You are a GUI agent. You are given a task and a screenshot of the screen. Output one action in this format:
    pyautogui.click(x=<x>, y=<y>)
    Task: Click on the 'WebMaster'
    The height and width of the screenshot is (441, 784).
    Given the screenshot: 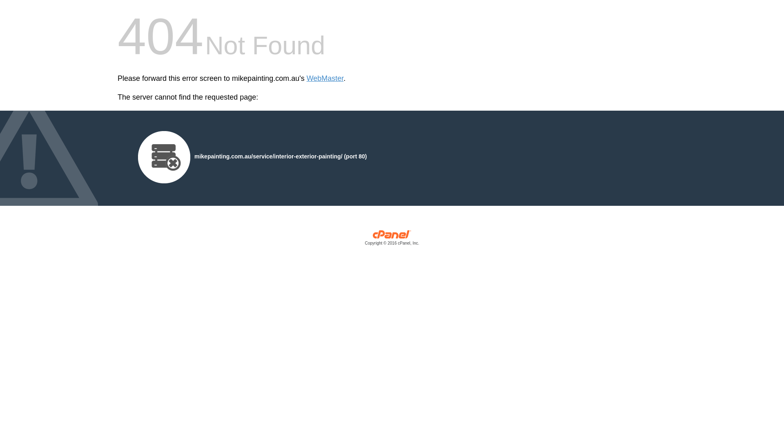 What is the action you would take?
    pyautogui.click(x=325, y=78)
    